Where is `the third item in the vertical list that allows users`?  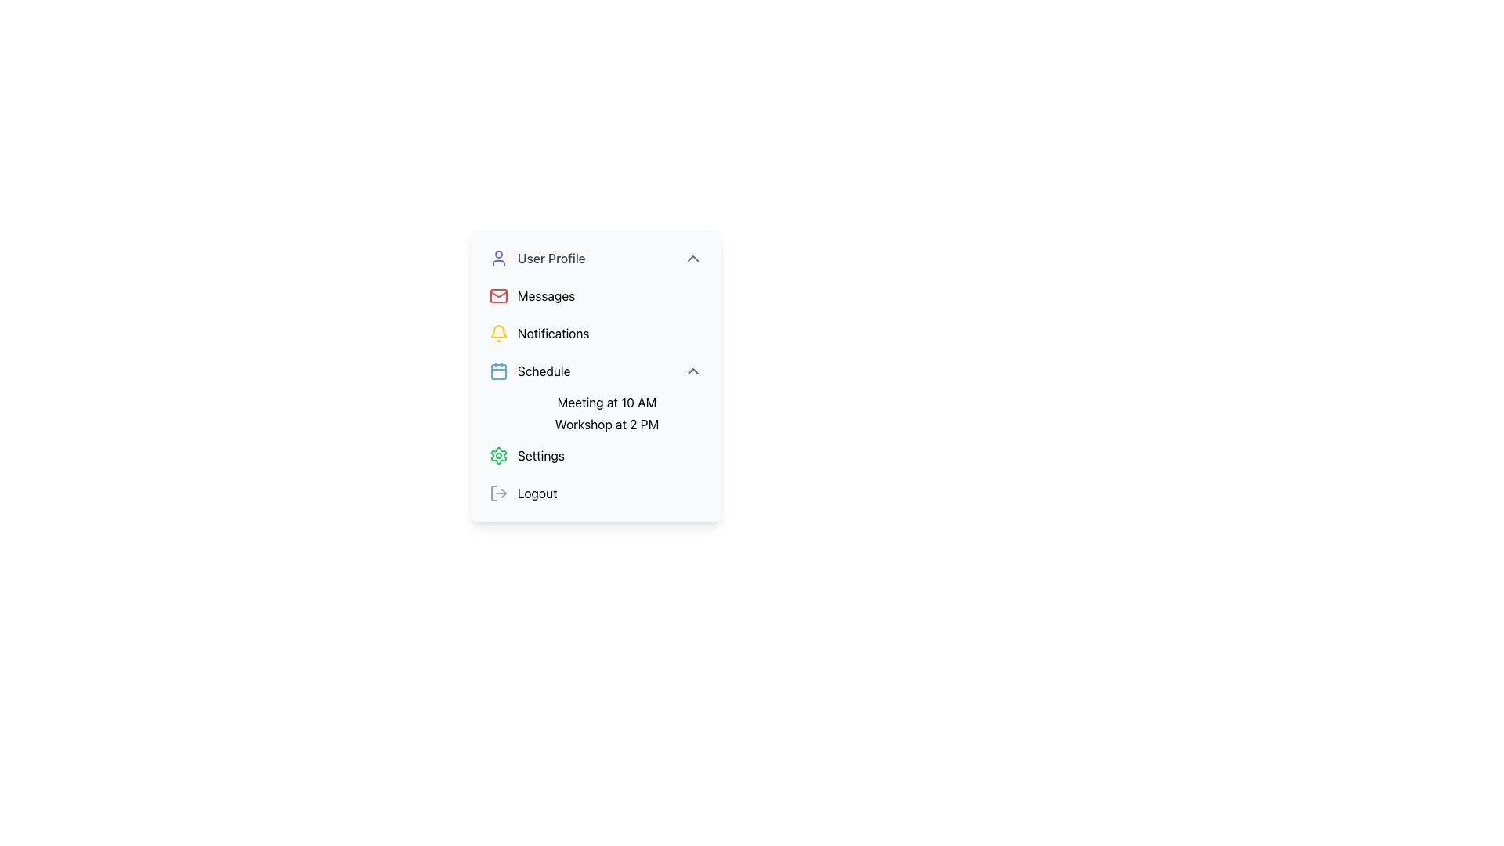
the third item in the vertical list that allows users is located at coordinates (595, 332).